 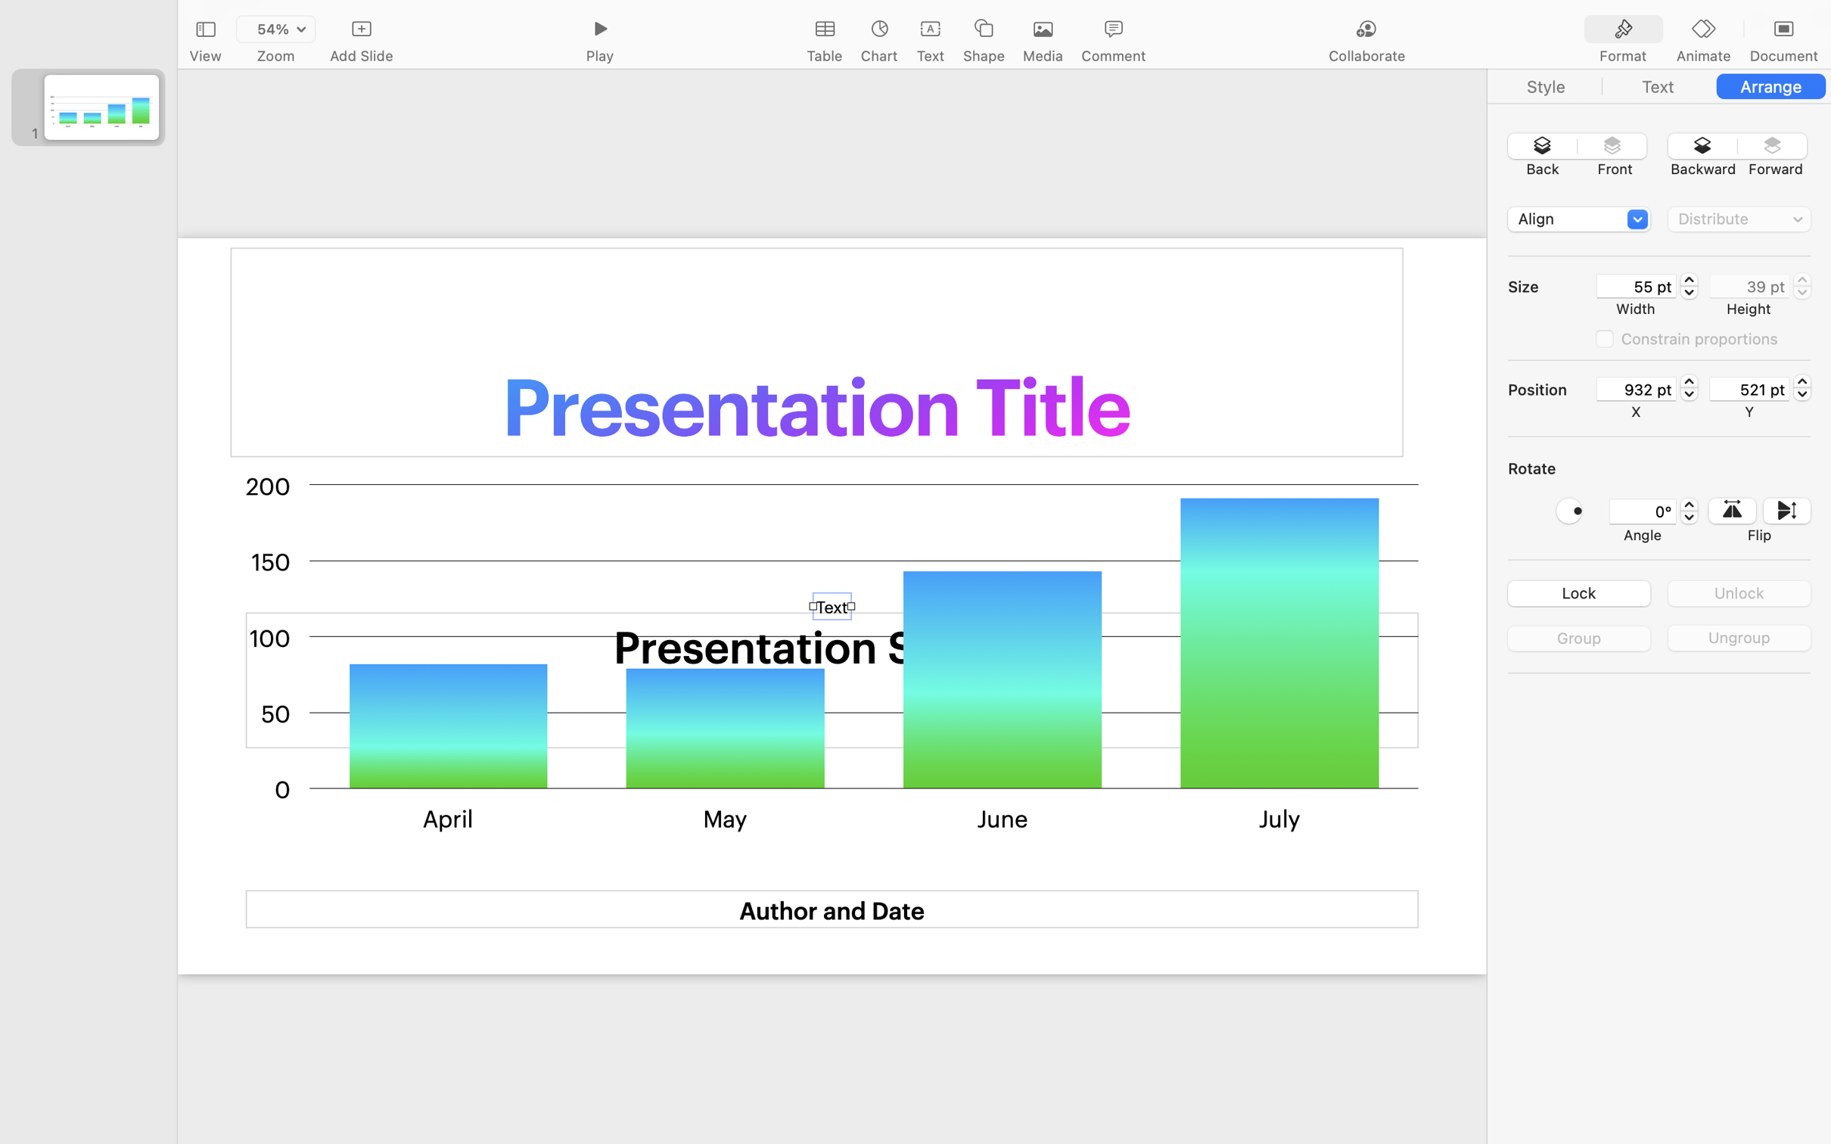 What do you see at coordinates (1622, 56) in the screenshot?
I see `'Format'` at bounding box center [1622, 56].